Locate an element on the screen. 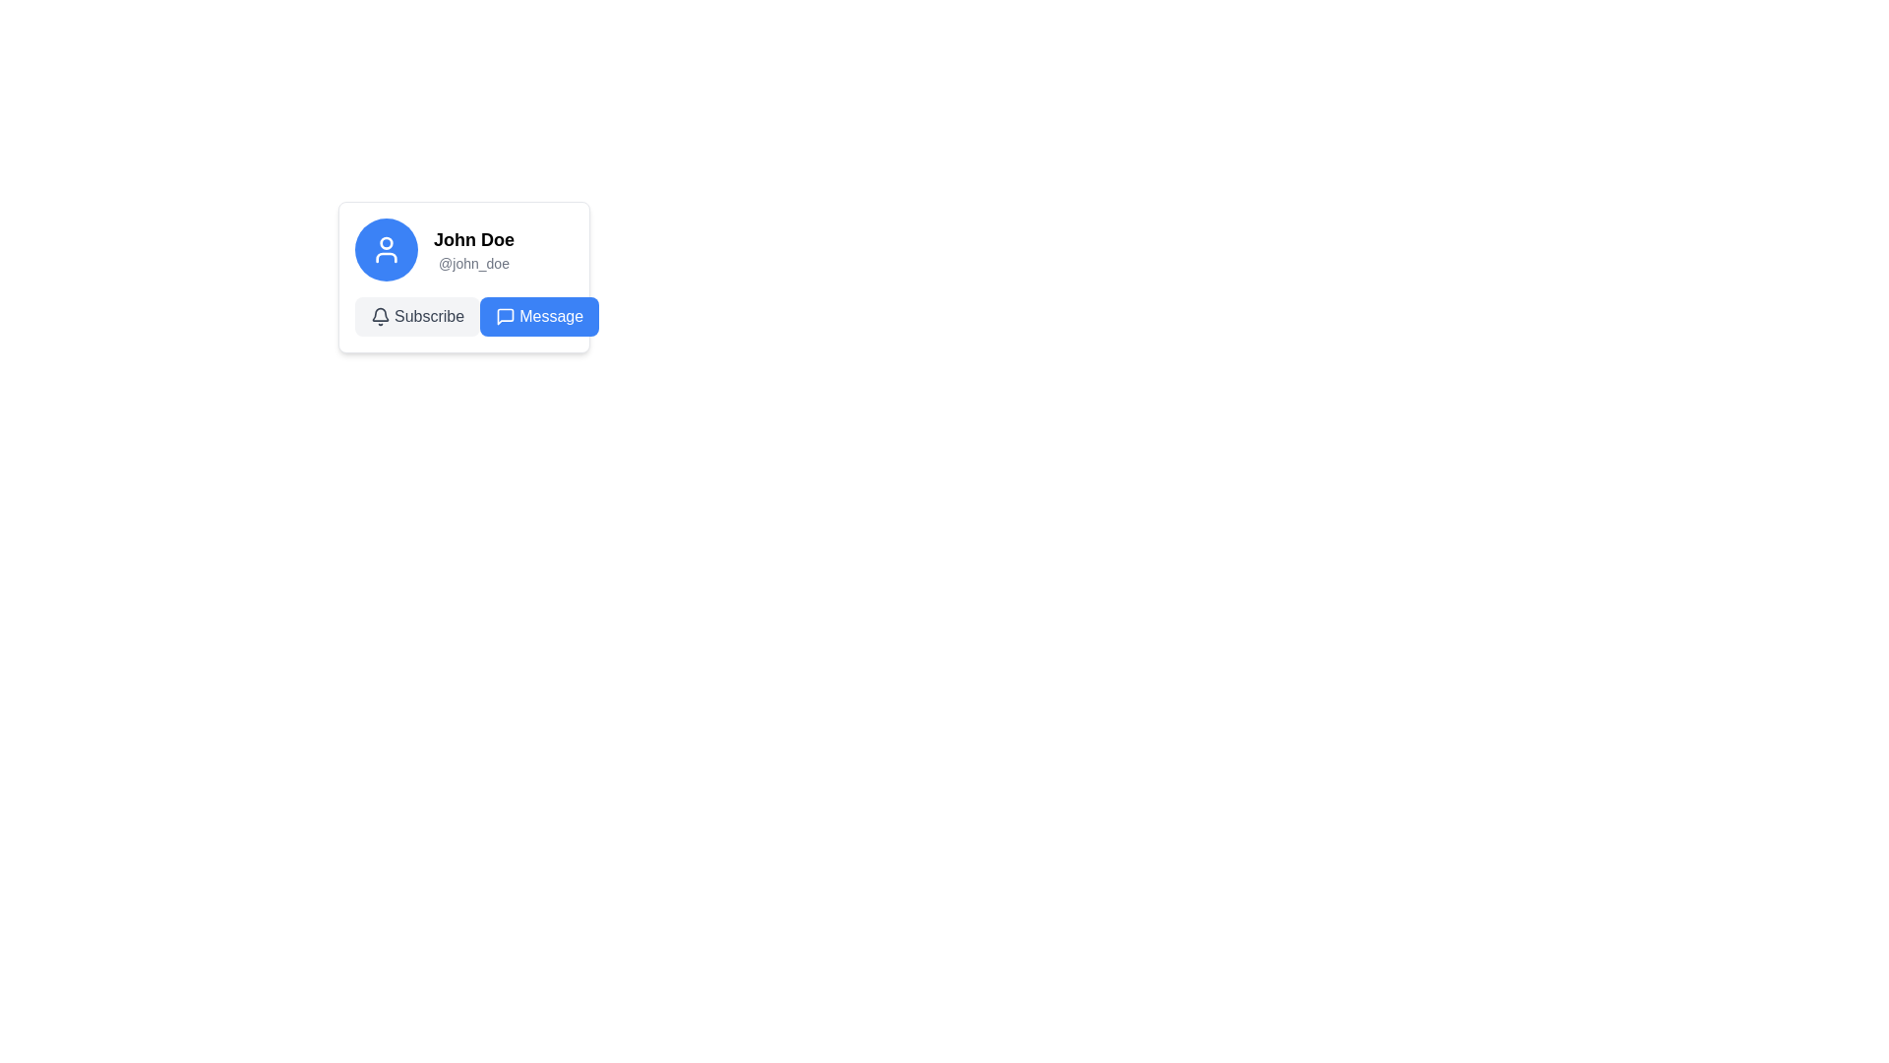 Image resolution: width=1889 pixels, height=1063 pixels. the Text Display that shows the user identifier, located in the upper half of a card section, to the right of an icon in a blue circular background is located at coordinates (462, 249).